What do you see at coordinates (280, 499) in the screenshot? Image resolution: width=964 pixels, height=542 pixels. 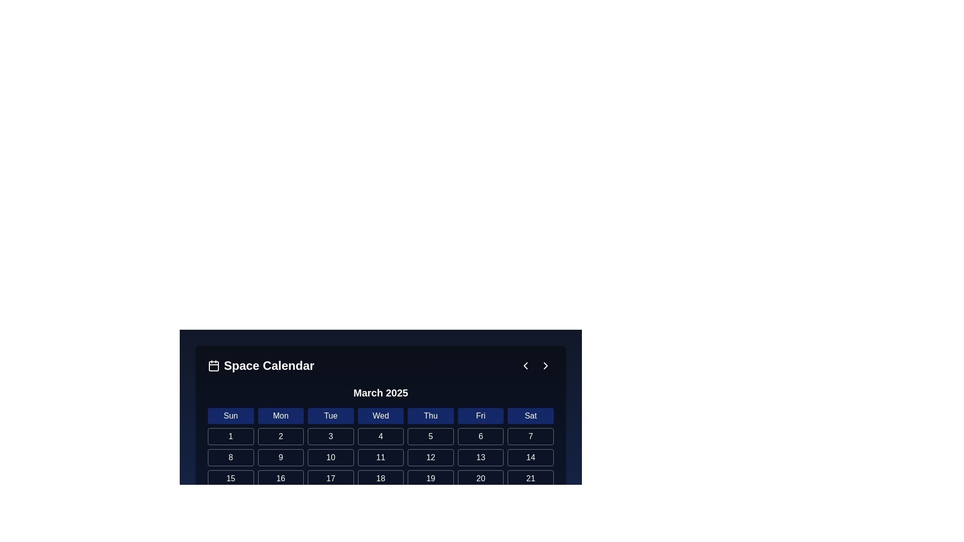 I see `the button representing the 23rd day of March 2025 in the calendar grid` at bounding box center [280, 499].